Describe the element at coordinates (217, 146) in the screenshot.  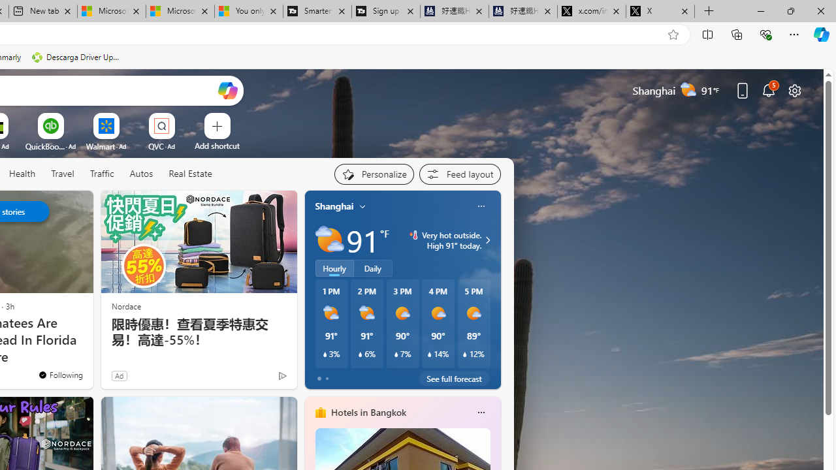
I see `'Add a site'` at that location.